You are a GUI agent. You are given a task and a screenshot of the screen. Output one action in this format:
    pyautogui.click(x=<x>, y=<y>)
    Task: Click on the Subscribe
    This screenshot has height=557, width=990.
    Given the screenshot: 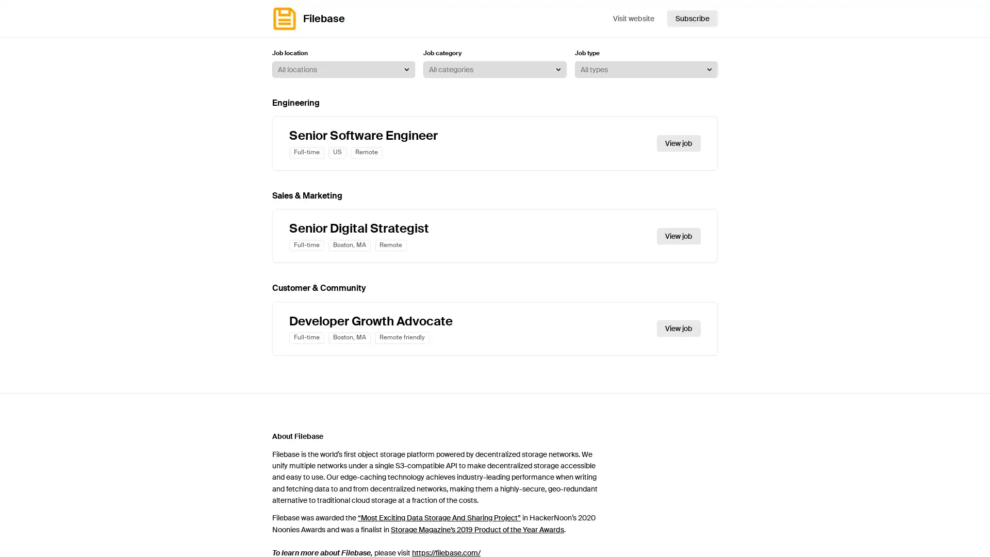 What is the action you would take?
    pyautogui.click(x=692, y=18)
    